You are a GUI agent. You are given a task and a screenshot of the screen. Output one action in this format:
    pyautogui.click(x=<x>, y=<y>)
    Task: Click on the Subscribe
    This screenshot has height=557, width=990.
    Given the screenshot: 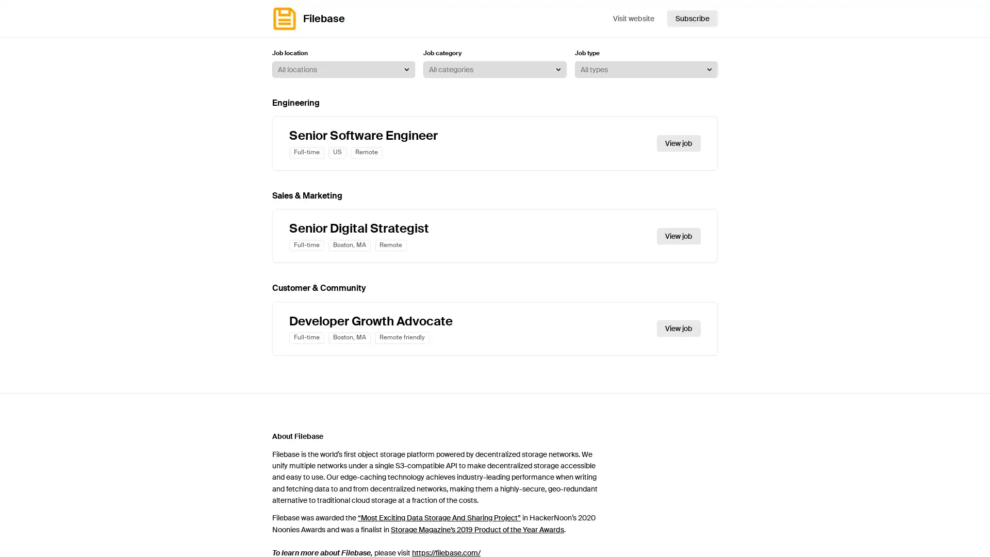 What is the action you would take?
    pyautogui.click(x=692, y=18)
    